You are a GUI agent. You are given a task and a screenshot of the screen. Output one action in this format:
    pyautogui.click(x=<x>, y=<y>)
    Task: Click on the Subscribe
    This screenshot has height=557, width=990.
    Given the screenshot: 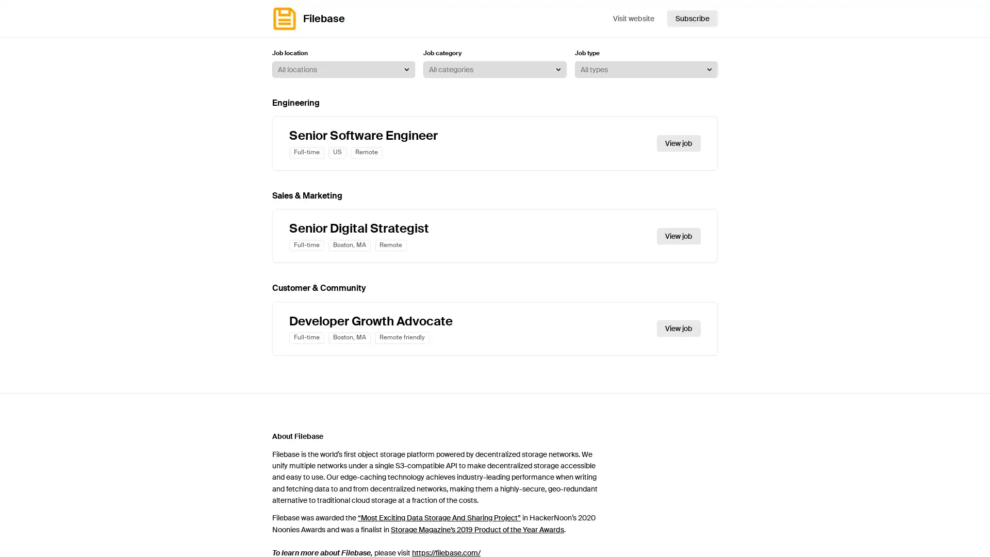 What is the action you would take?
    pyautogui.click(x=692, y=18)
    